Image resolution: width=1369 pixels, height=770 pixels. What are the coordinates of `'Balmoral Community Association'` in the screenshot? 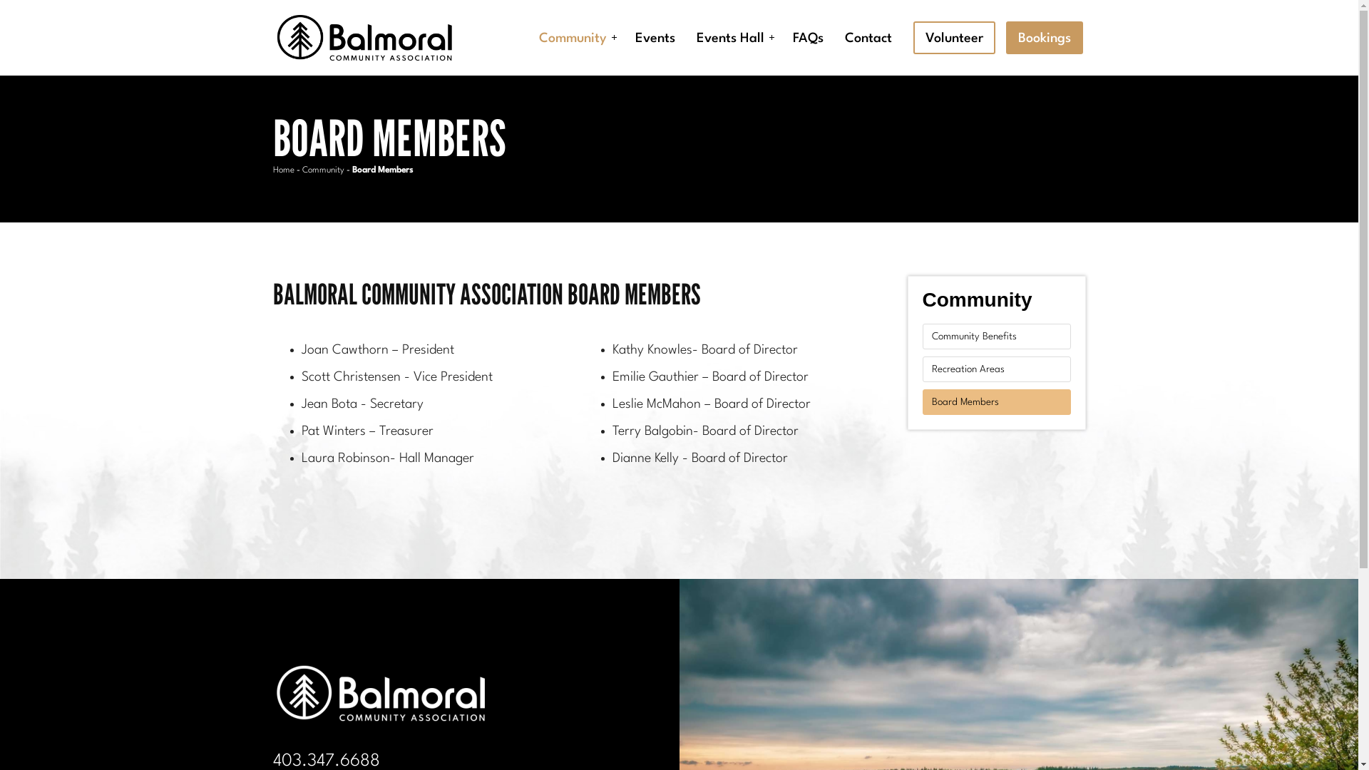 It's located at (364, 37).